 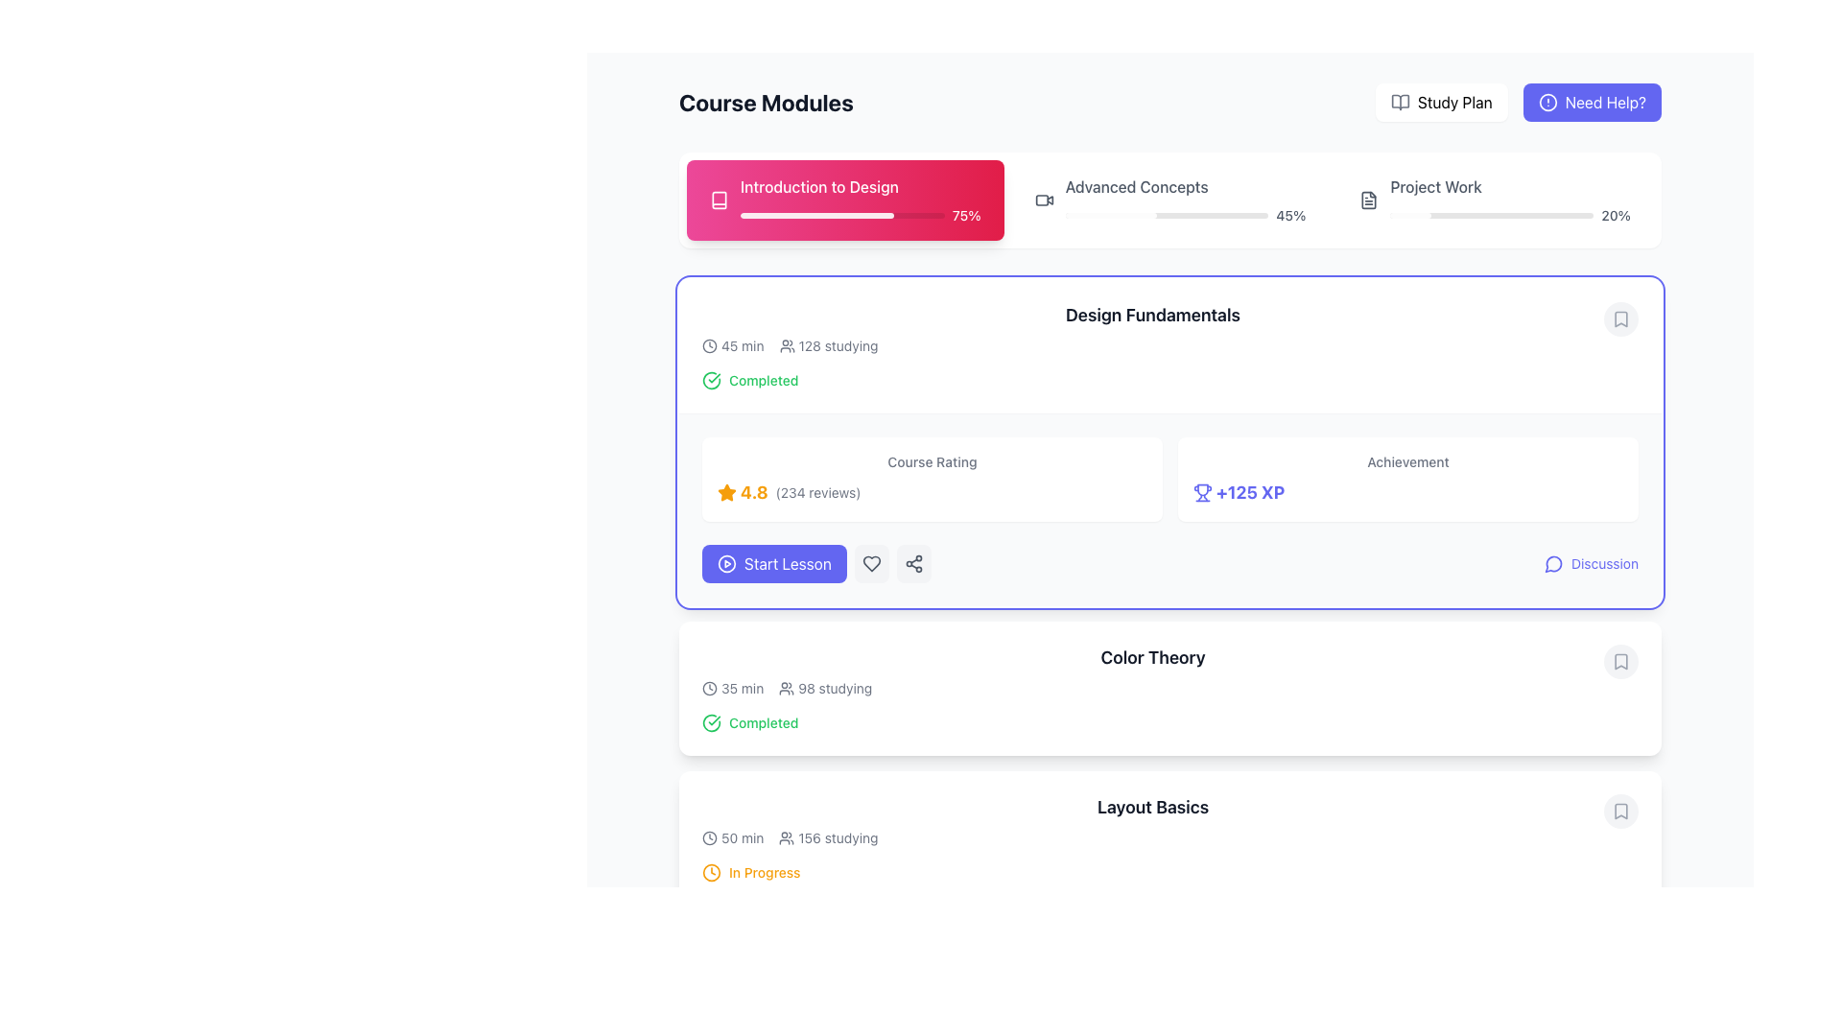 What do you see at coordinates (1619, 811) in the screenshot?
I see `the bookmark action indicator button located on the far-right side of the 'Layout Basics' tile` at bounding box center [1619, 811].